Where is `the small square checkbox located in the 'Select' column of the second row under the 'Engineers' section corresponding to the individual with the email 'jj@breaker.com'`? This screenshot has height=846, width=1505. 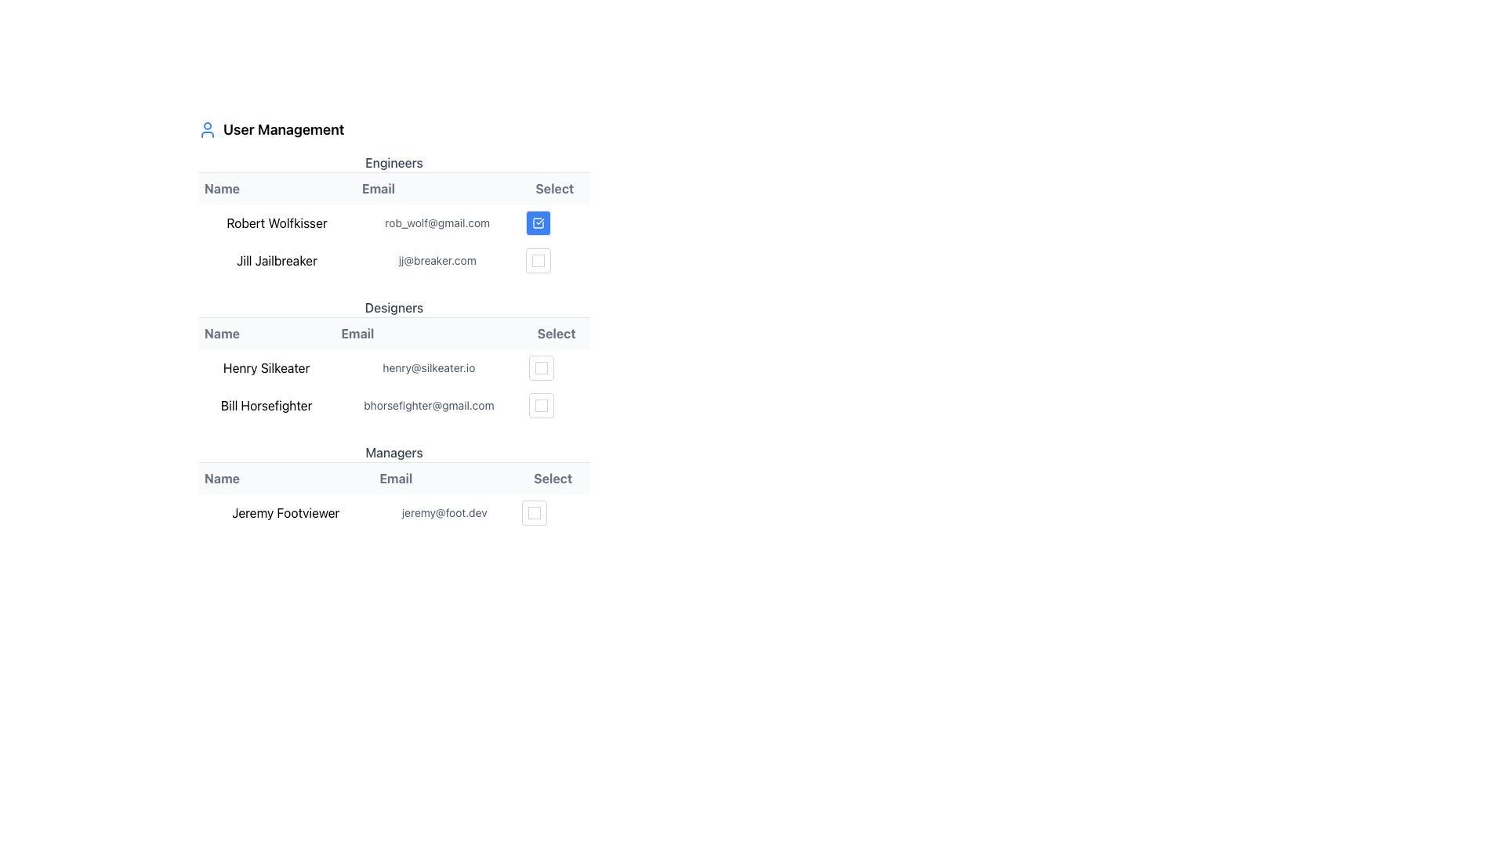 the small square checkbox located in the 'Select' column of the second row under the 'Engineers' section corresponding to the individual with the email 'jj@breaker.com' is located at coordinates (538, 259).